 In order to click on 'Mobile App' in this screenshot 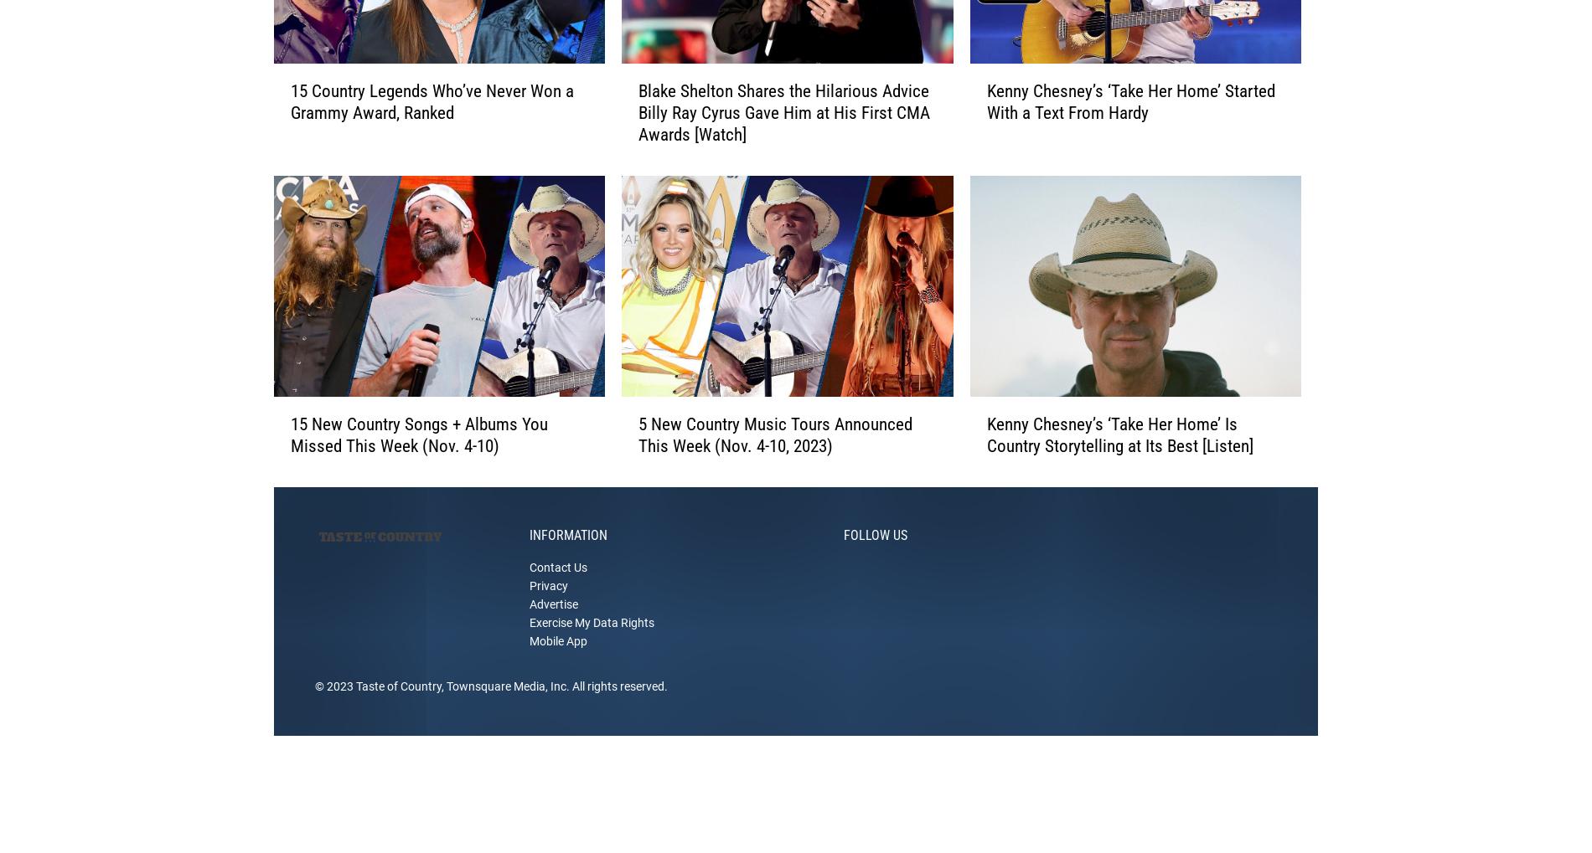, I will do `click(558, 666)`.